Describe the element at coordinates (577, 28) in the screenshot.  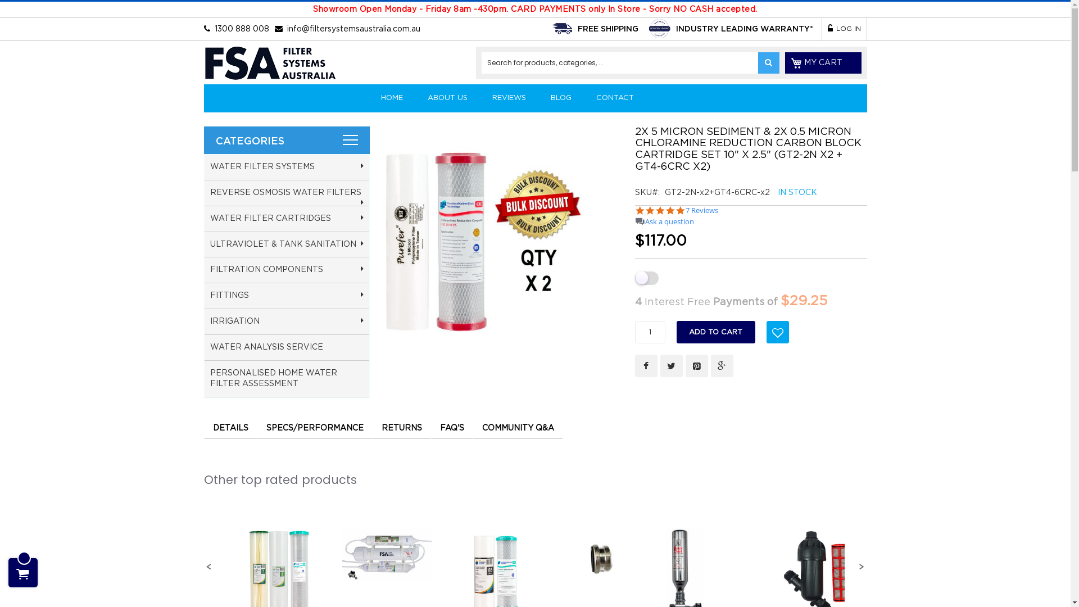
I see `'FREE SHIPPING'` at that location.